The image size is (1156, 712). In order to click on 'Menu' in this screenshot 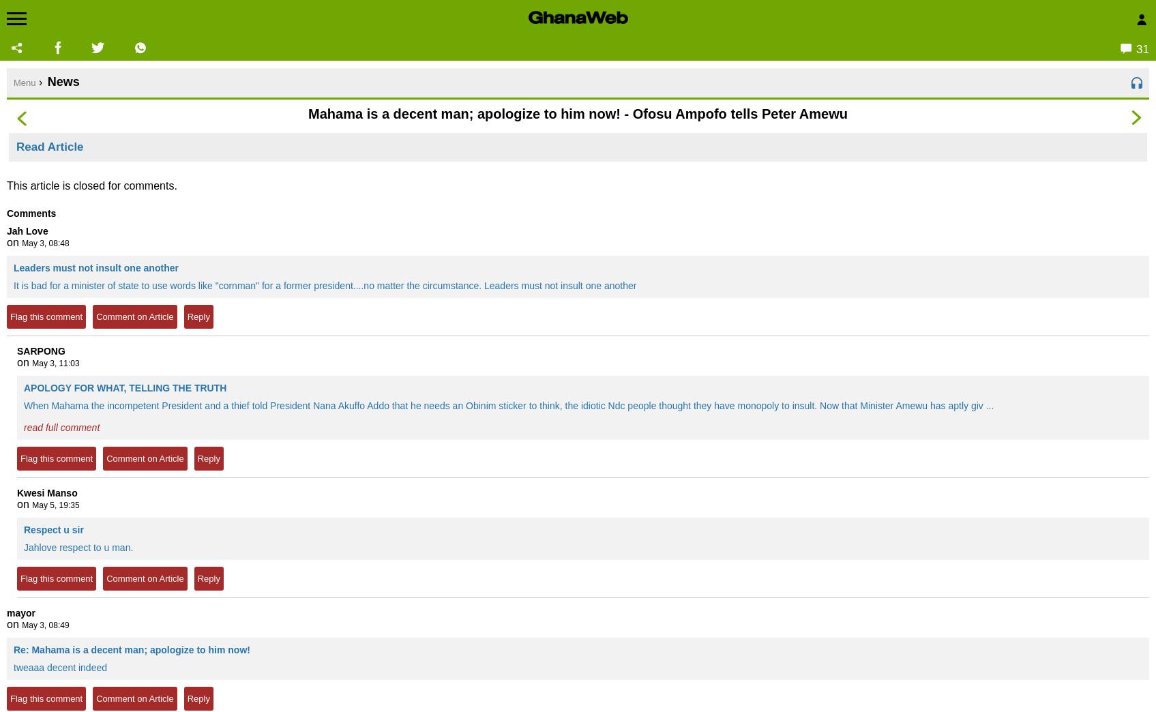, I will do `click(24, 83)`.